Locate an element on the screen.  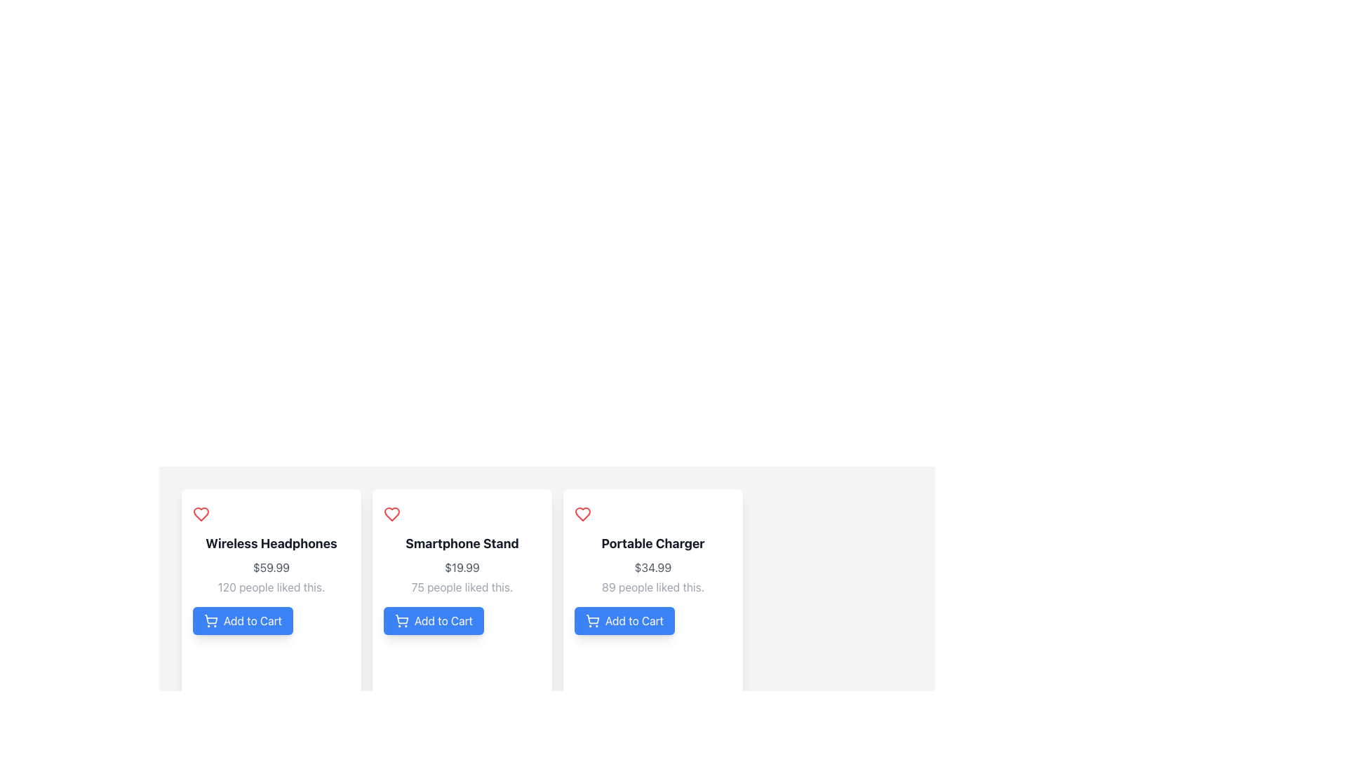
the red heart icon located in the top-left corner of the card displaying the 'Wireless Headphones' product information is located at coordinates (201, 514).